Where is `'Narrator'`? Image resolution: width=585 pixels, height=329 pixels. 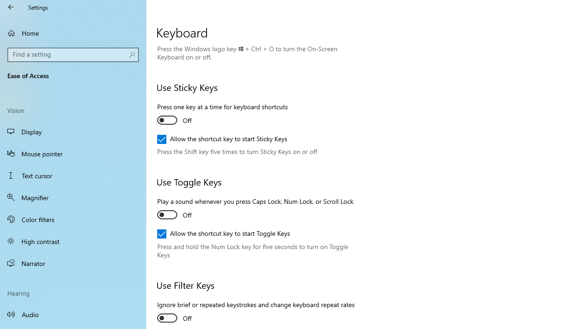
'Narrator' is located at coordinates (73, 263).